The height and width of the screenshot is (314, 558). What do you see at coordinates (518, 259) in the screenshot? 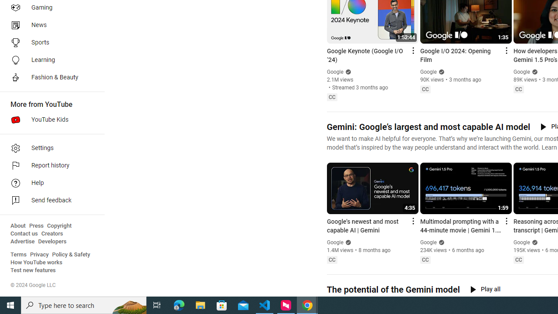
I see `'Closed captions'` at bounding box center [518, 259].